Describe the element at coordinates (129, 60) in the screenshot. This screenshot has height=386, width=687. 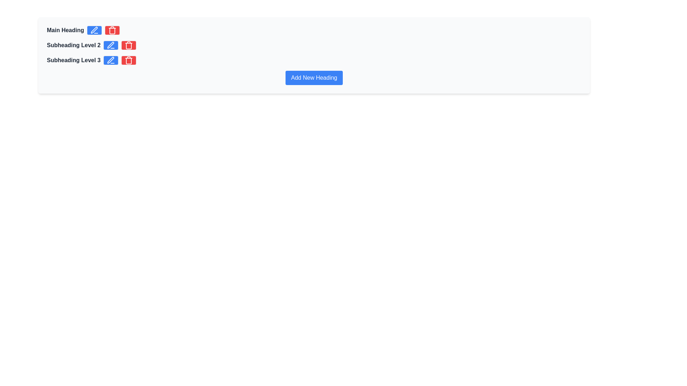
I see `the red rounded rectangle button with a trash icon, located to the right of the 'Subheading Level 3' text` at that location.